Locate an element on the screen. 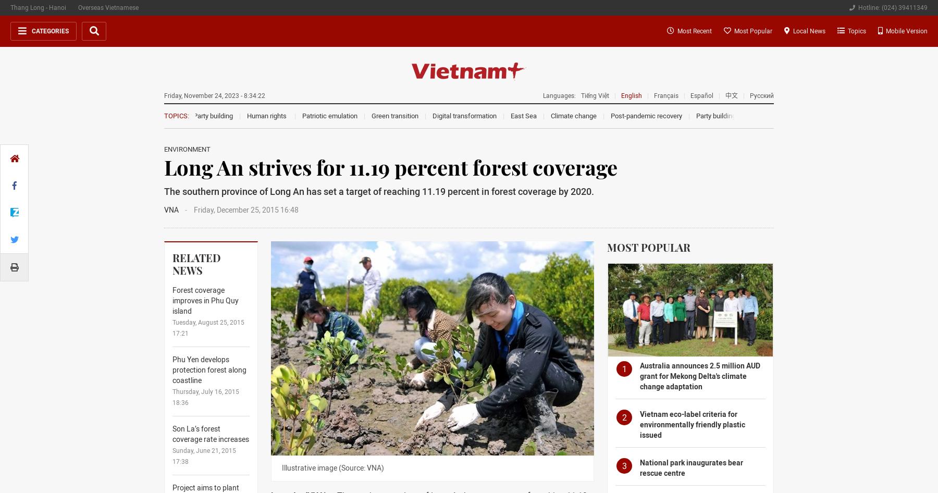 Image resolution: width=938 pixels, height=493 pixels. 'Phu Yen develops protection forest along coastline' is located at coordinates (209, 369).